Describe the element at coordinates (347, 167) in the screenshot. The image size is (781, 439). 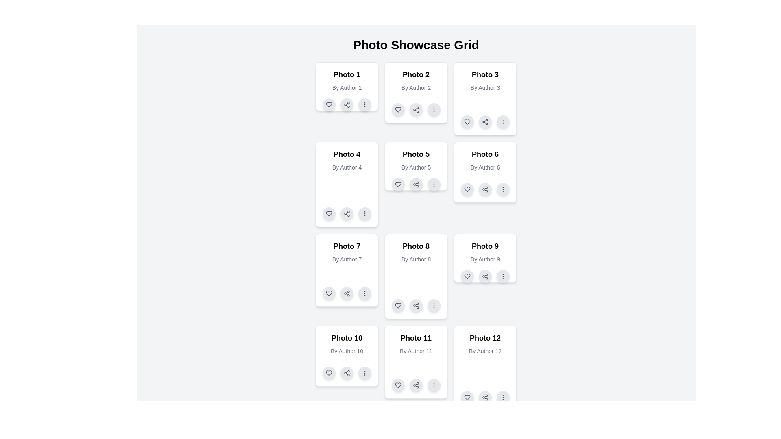
I see `the text label displaying 'By Author 4', which is located just below the 'Photo 4' header in a card layout` at that location.